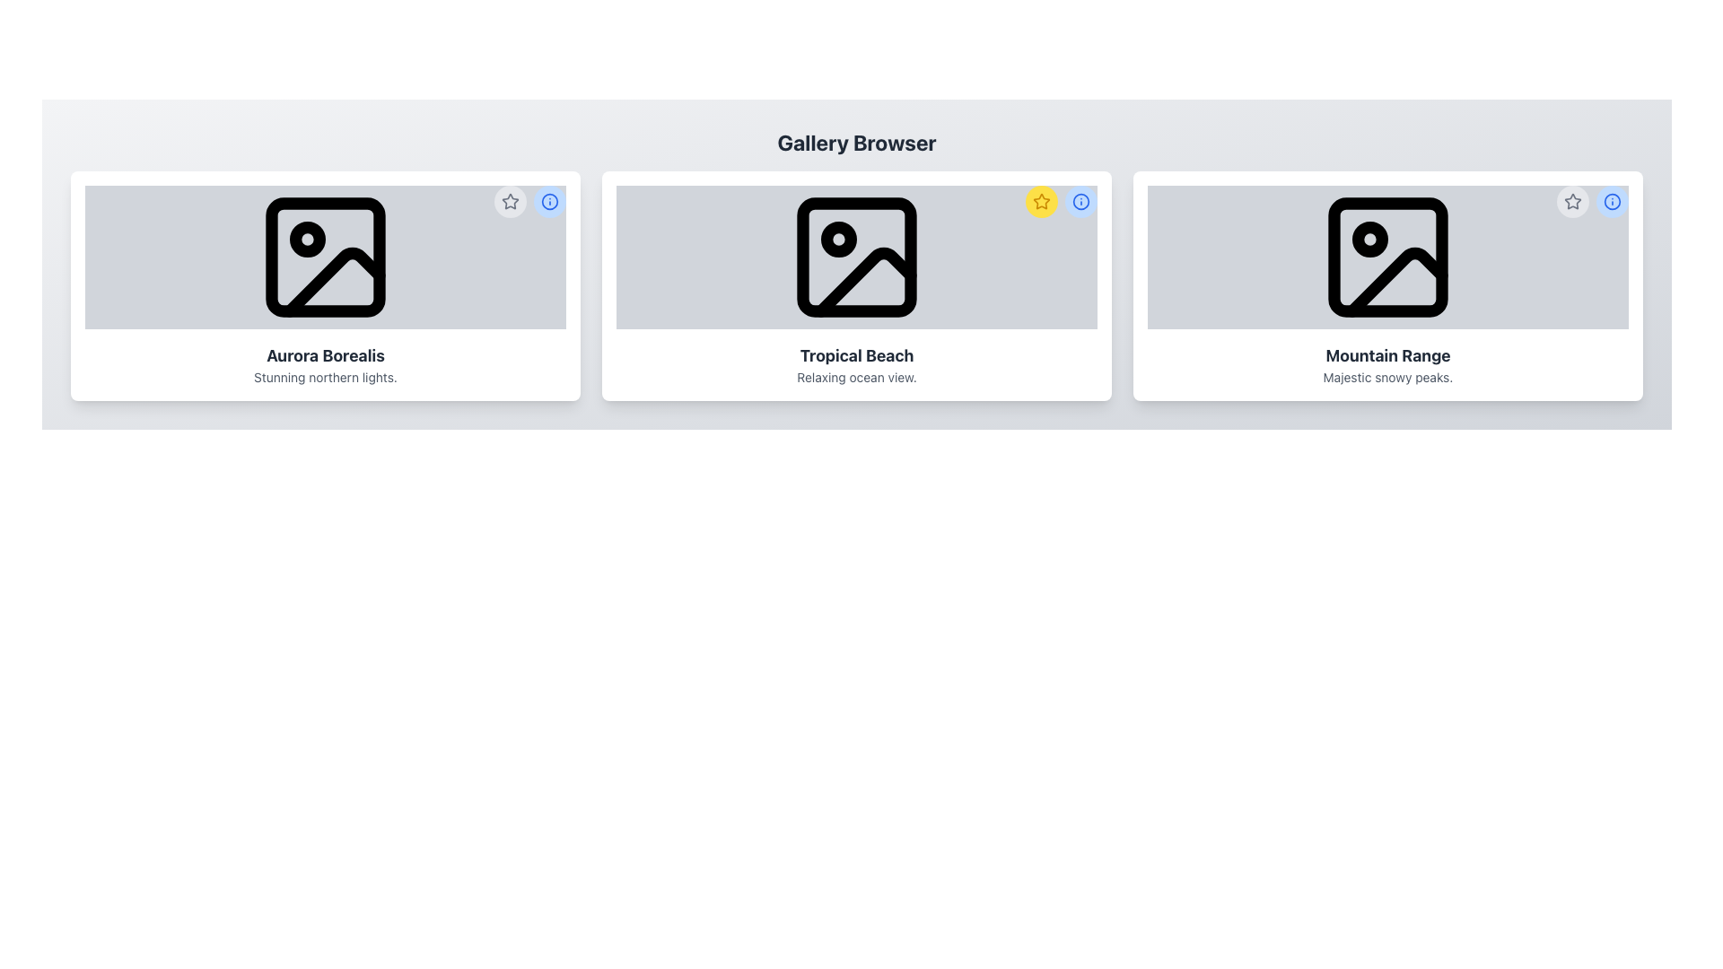  I want to click on the interactive button or icon located at the top-right corner of the 'Tropical Beach' card, so click(1080, 201).